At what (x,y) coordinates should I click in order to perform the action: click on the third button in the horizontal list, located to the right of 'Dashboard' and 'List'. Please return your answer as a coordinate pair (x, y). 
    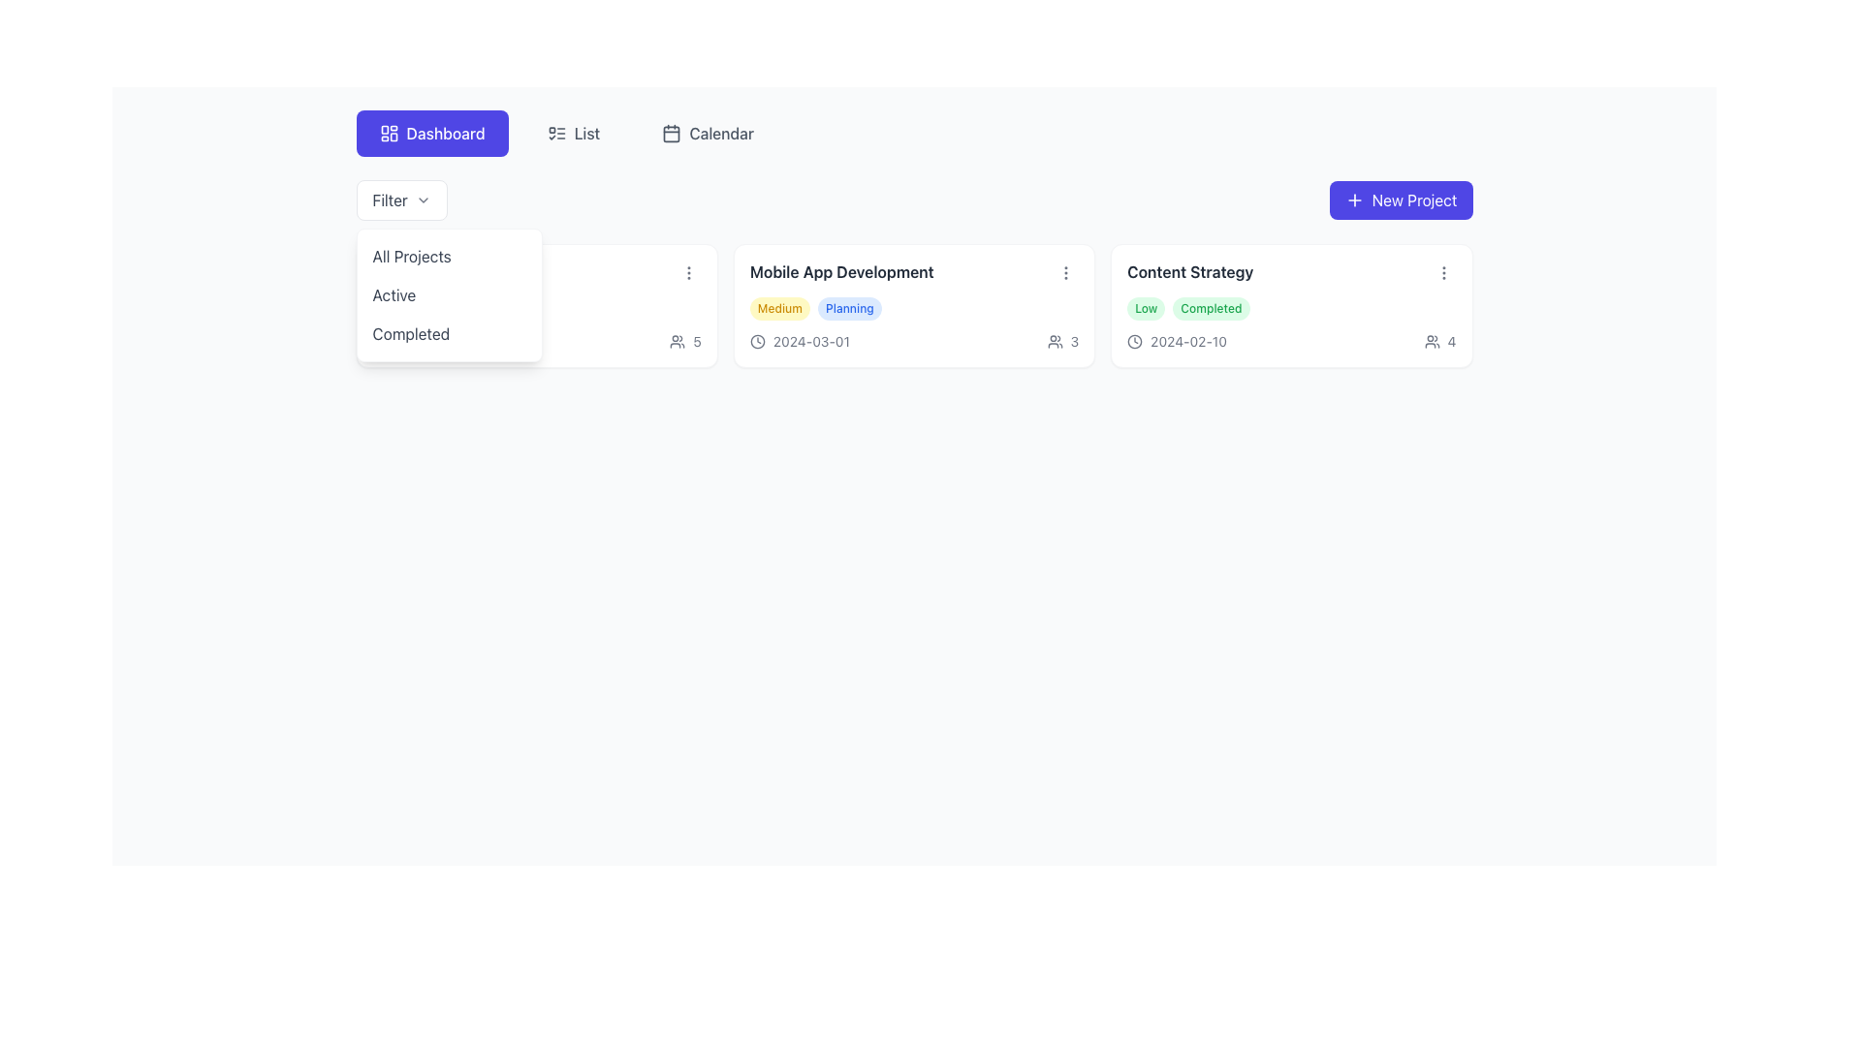
    Looking at the image, I should click on (707, 133).